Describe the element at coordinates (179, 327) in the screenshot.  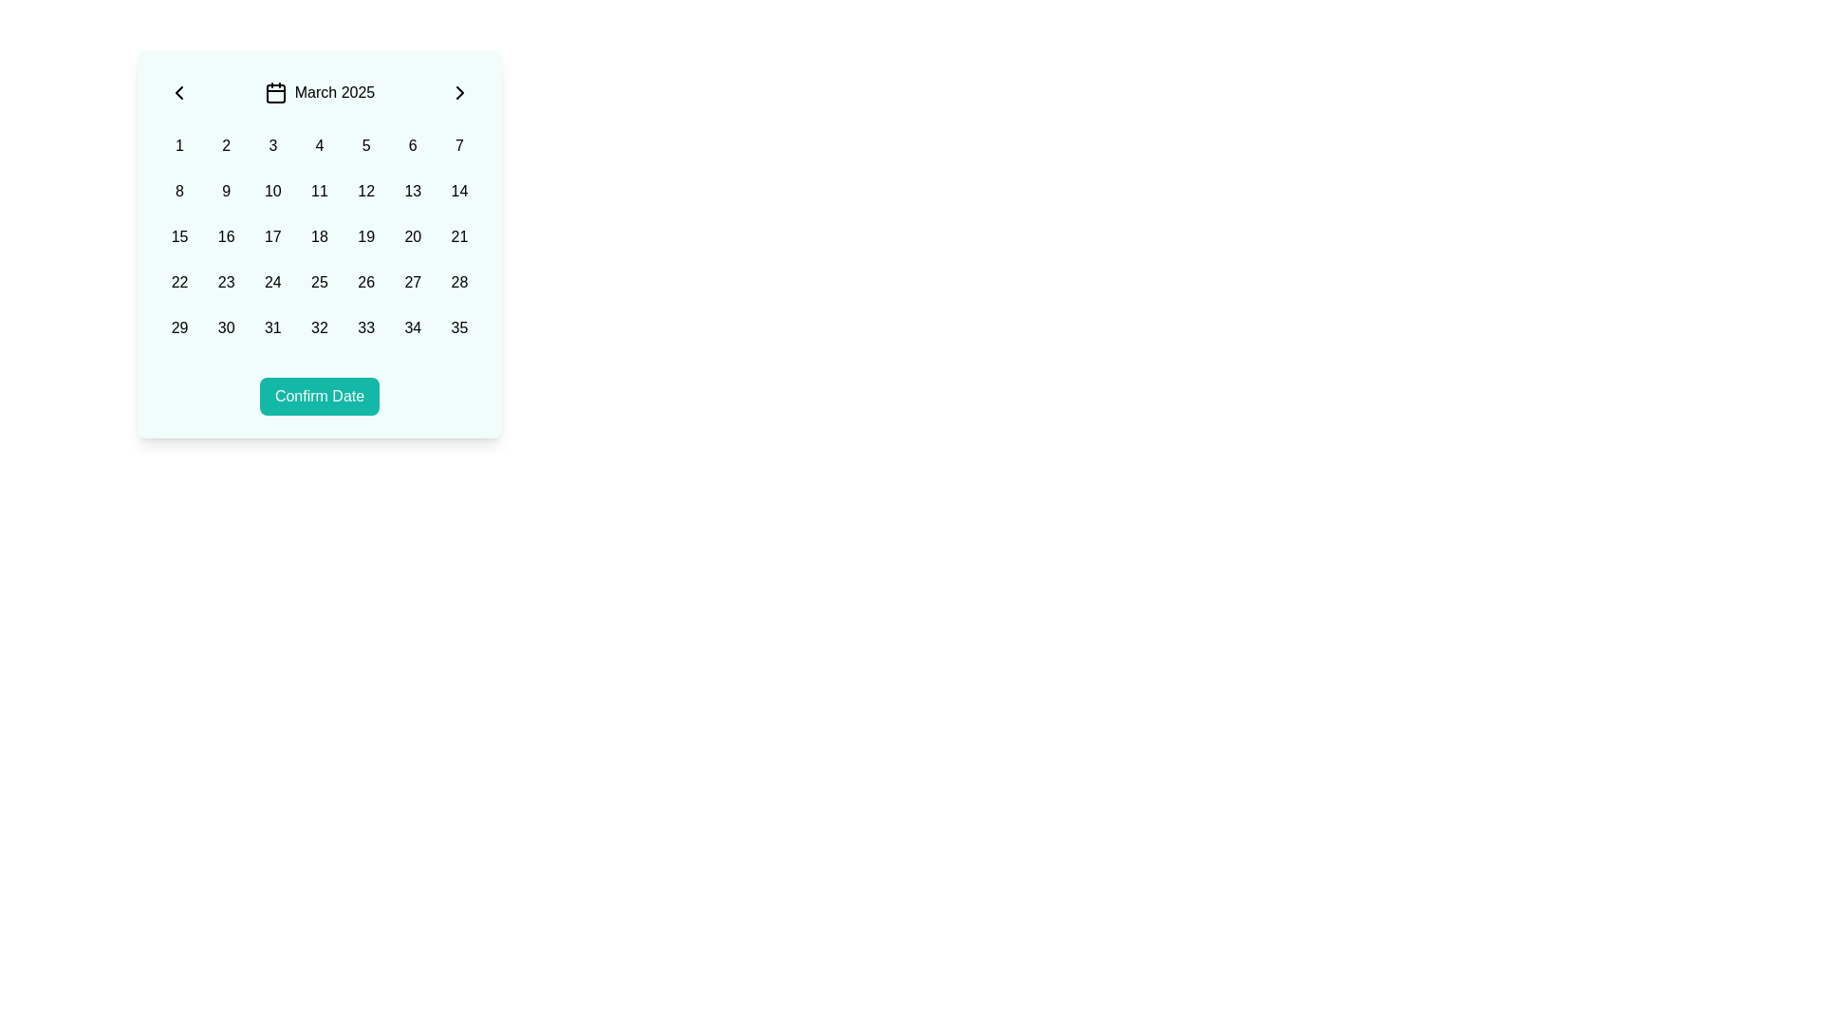
I see `the button displaying '29' in the date picker interface, located in the third row and first column of the grid` at that location.